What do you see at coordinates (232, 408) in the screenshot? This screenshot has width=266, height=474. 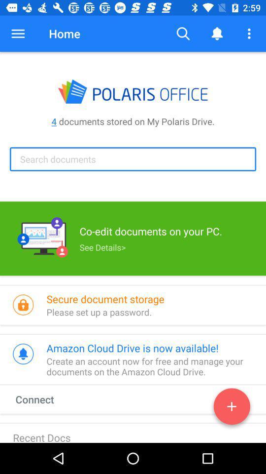 I see `the add icon` at bounding box center [232, 408].